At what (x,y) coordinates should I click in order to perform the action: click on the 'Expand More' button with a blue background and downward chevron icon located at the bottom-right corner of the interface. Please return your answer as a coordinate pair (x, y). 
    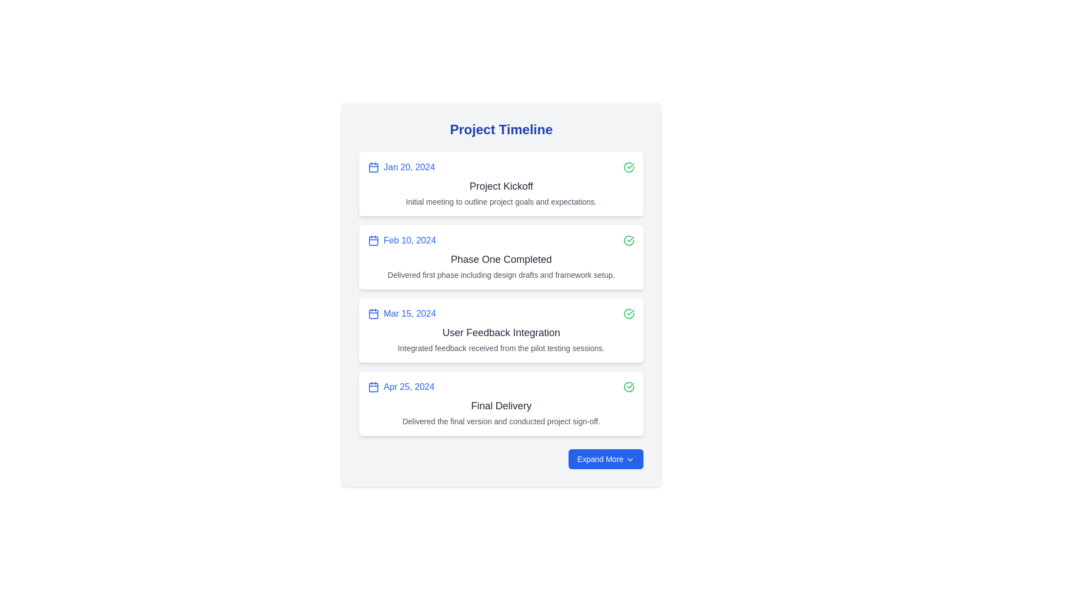
    Looking at the image, I should click on (605, 459).